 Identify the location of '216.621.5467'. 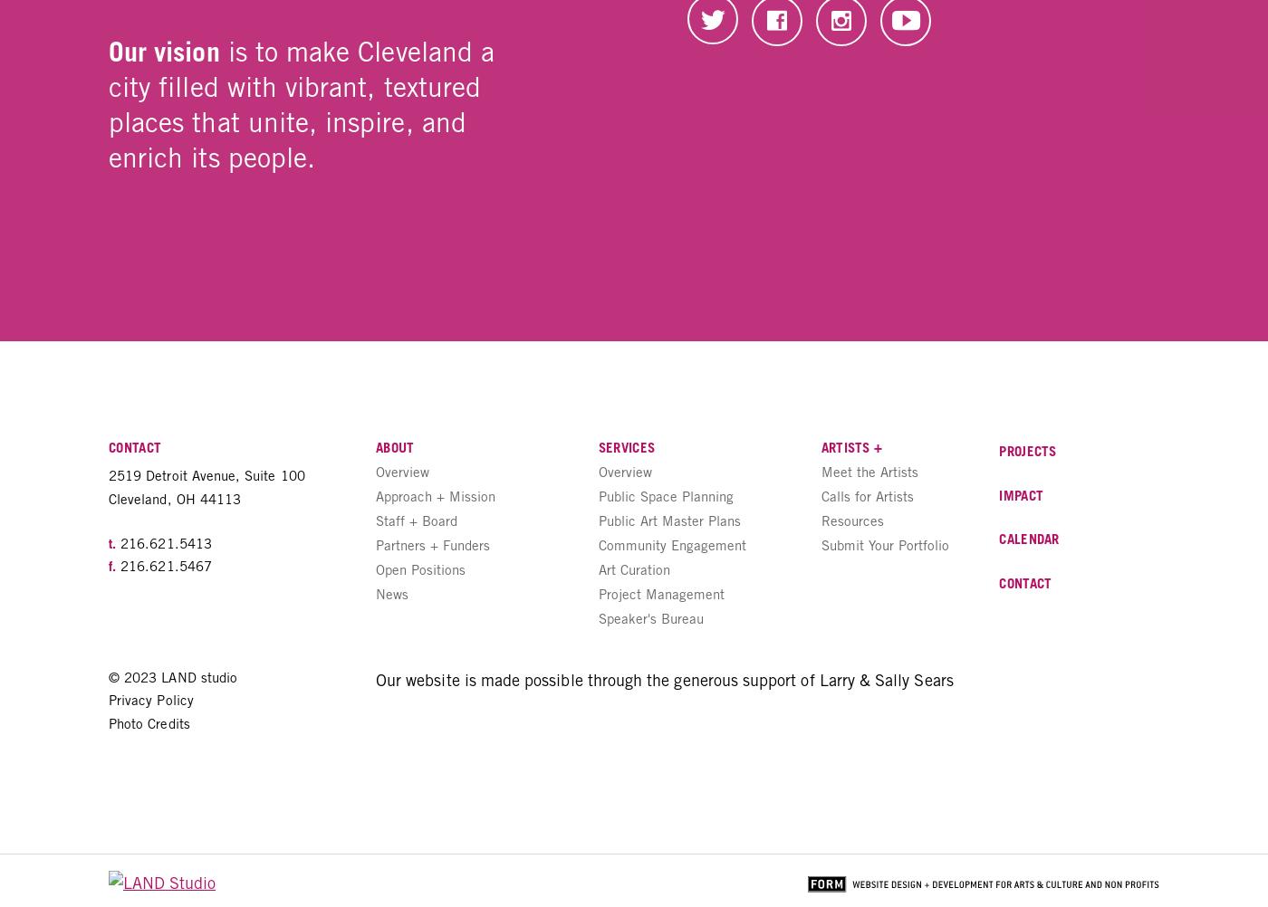
(162, 564).